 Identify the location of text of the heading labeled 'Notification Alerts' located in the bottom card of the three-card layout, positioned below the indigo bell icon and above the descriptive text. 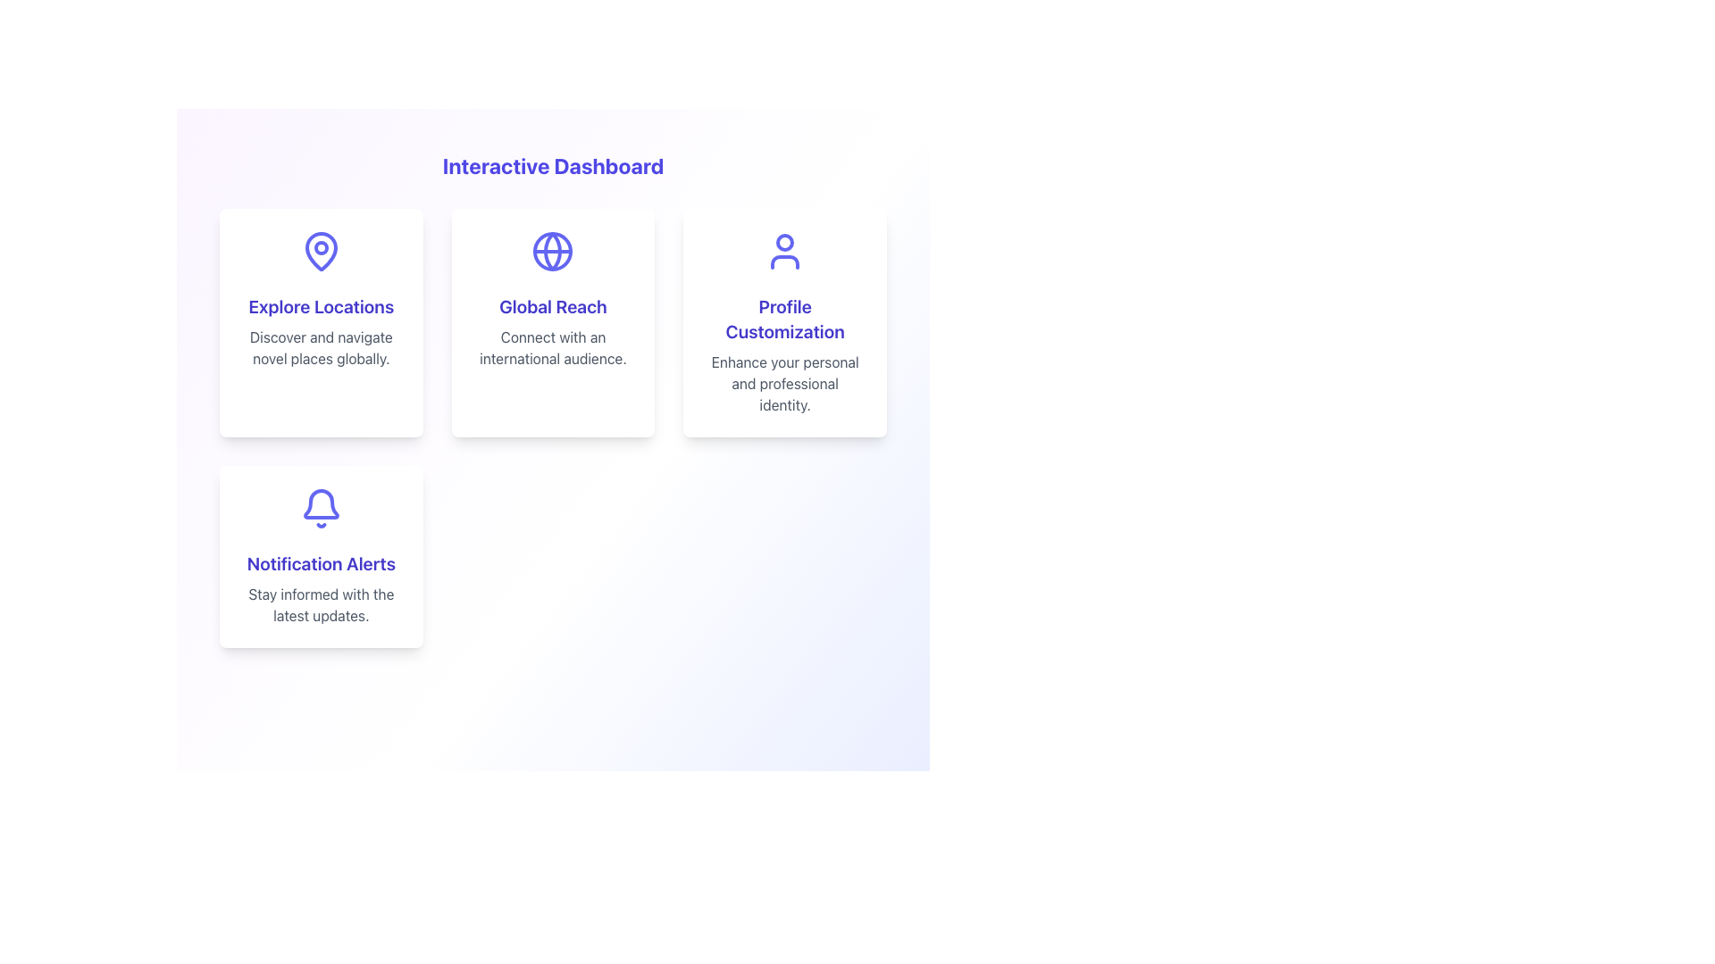
(321, 564).